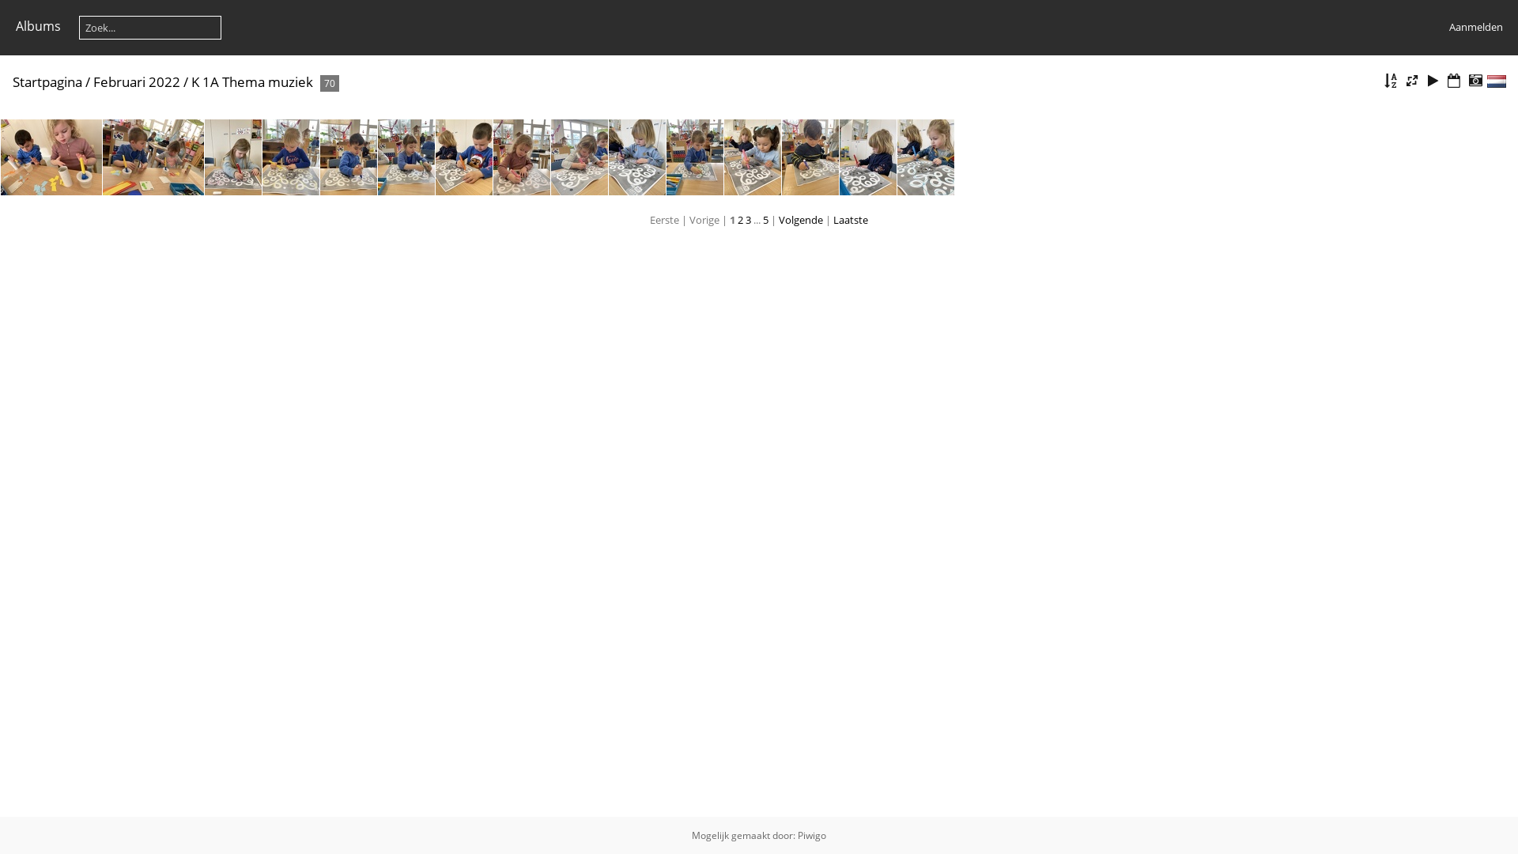  Describe the element at coordinates (190, 81) in the screenshot. I see `'K 1A Thema muziek'` at that location.